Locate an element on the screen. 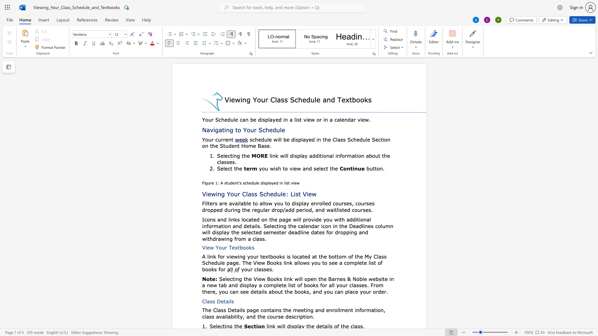 Image resolution: width=598 pixels, height=336 pixels. the 2th character "g" in the text is located at coordinates (231, 129).